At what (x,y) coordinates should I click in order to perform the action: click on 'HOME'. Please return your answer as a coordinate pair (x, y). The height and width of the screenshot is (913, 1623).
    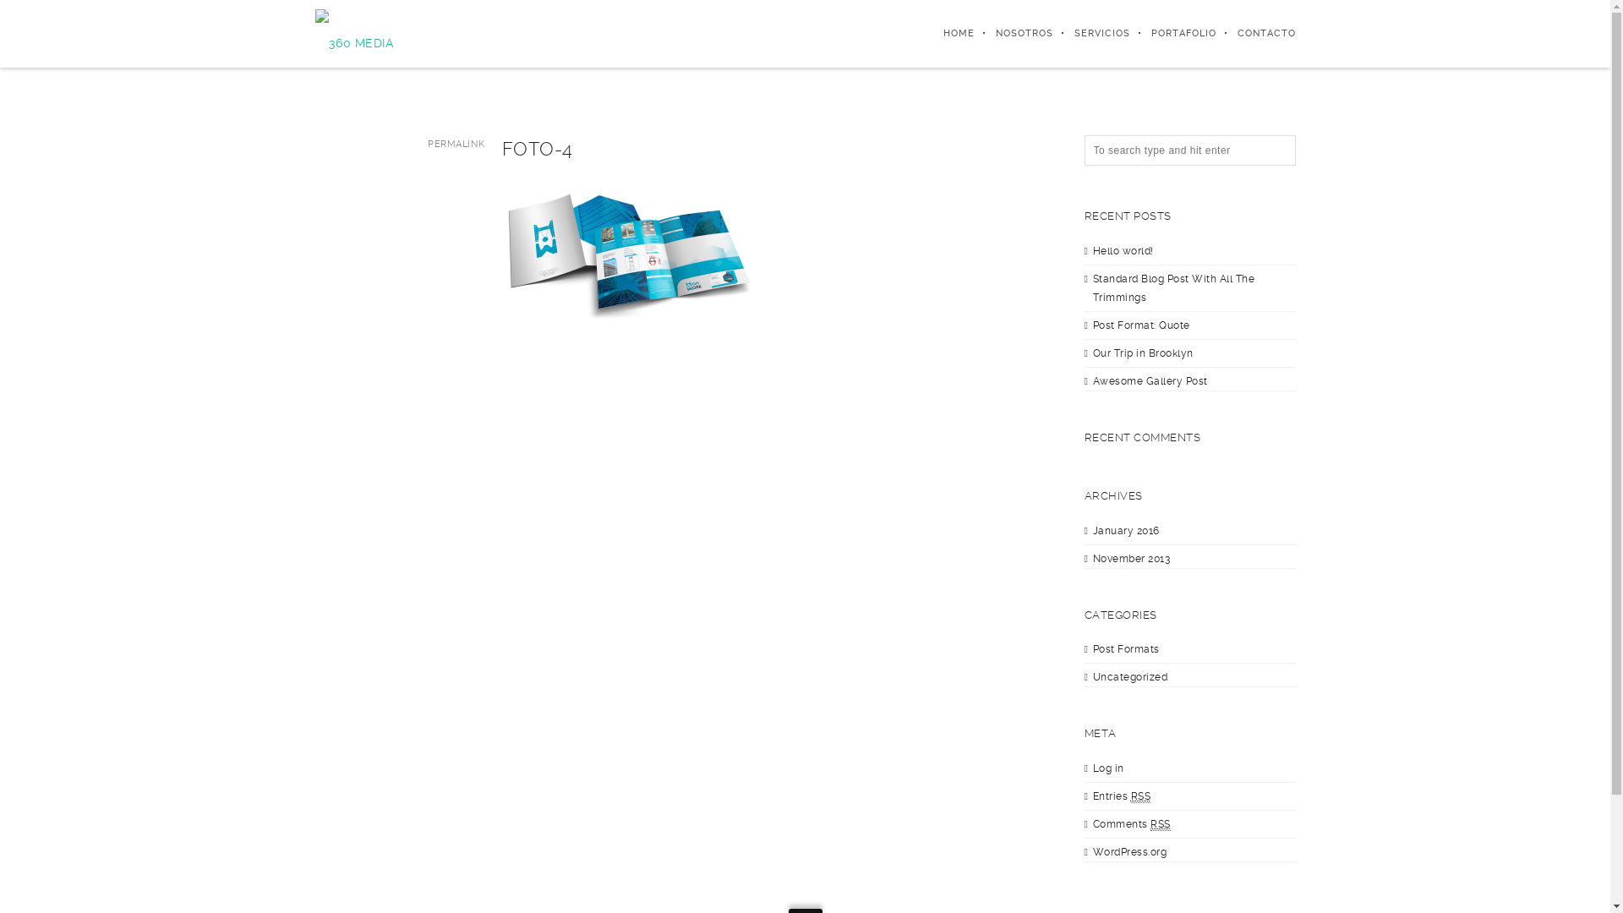
    Looking at the image, I should click on (948, 33).